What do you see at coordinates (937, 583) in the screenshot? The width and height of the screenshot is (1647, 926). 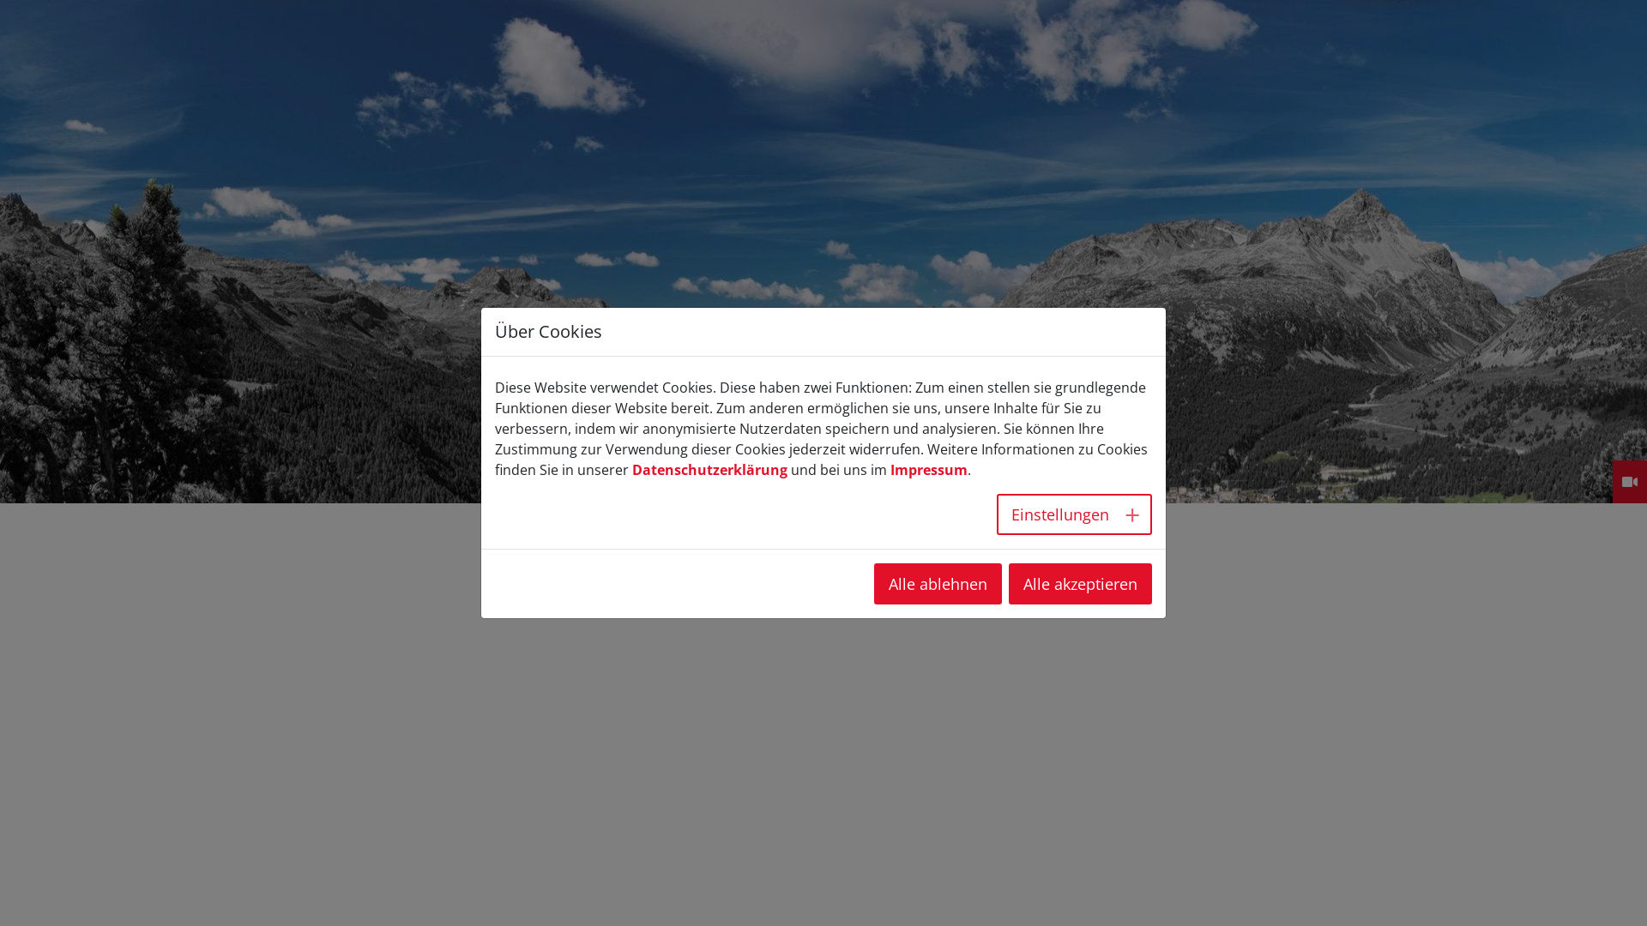 I see `'Alle ablehnen'` at bounding box center [937, 583].